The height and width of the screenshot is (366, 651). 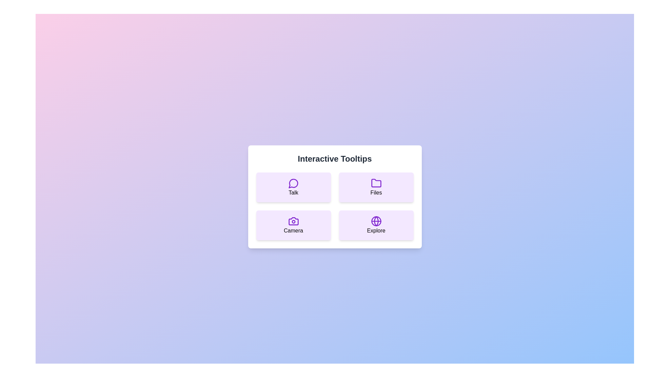 What do you see at coordinates (376, 225) in the screenshot?
I see `the 'Explore' button, which is a rectangular button with a purple background and rounded edges, featuring a globe icon and the text 'Explore' in black, located in the bottom-right quadrant of the grid layout` at bounding box center [376, 225].